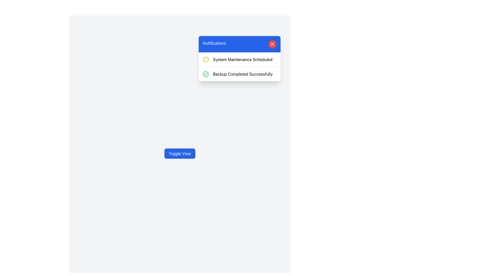 Image resolution: width=491 pixels, height=276 pixels. What do you see at coordinates (272, 44) in the screenshot?
I see `the close icon represented by an 'X' symbol in white against a red circular background located at the top-right corner of the notification panel` at bounding box center [272, 44].